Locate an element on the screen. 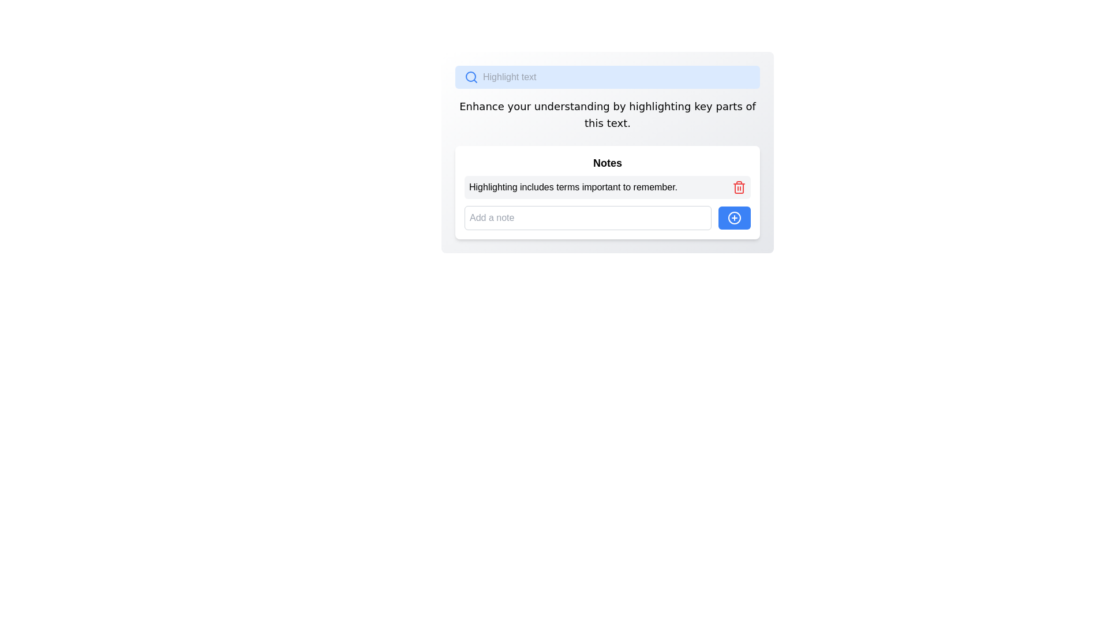 The height and width of the screenshot is (623, 1108). the second character of the word 'Enhance' in the phrase 'Enhance your understanding by highlighting key parts of this text.' located at the top of the panel is located at coordinates (469, 106).